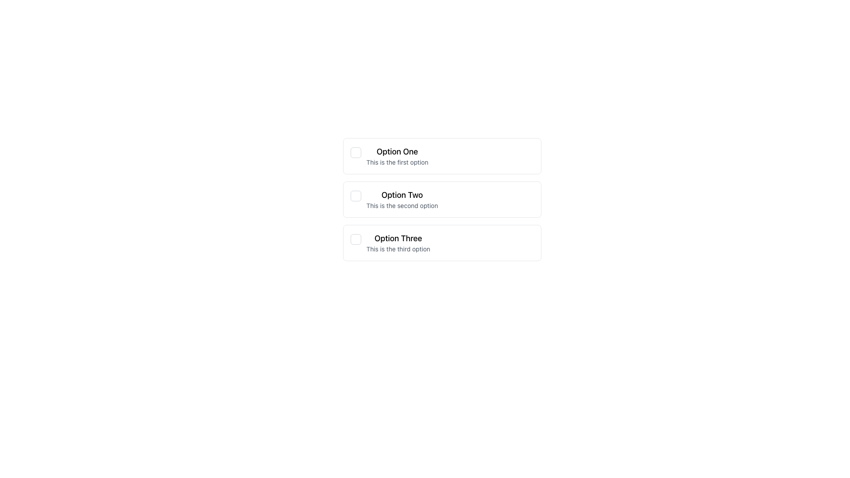 This screenshot has height=478, width=850. Describe the element at coordinates (397, 151) in the screenshot. I see `the text label indicating the first option in the list, which states 'This is the first option'` at that location.